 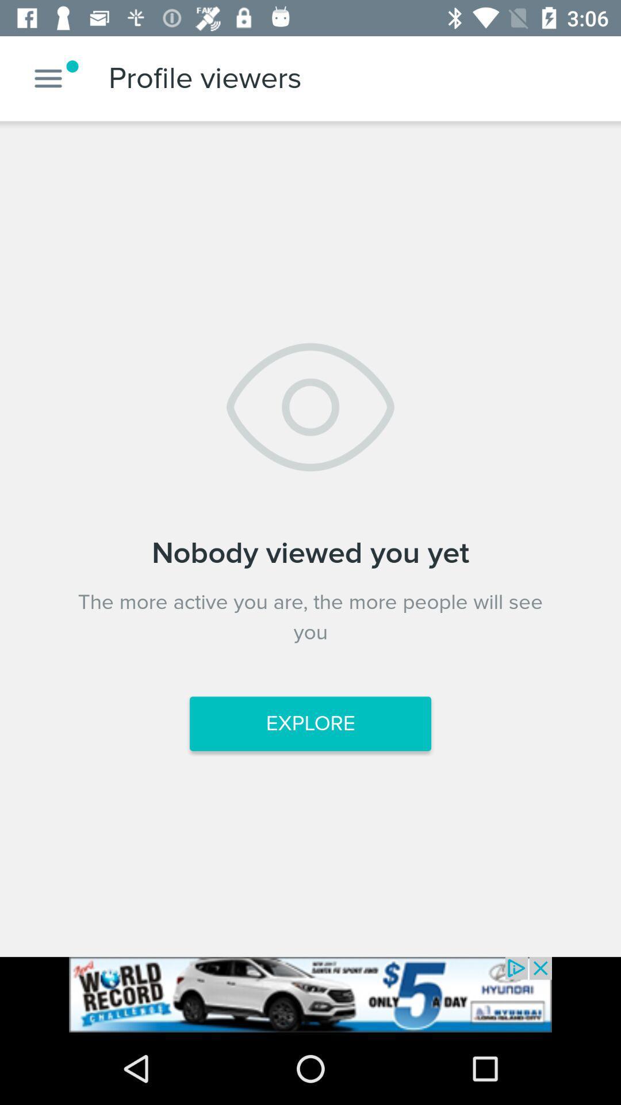 What do you see at coordinates (310, 994) in the screenshot?
I see `advrtisment` at bounding box center [310, 994].